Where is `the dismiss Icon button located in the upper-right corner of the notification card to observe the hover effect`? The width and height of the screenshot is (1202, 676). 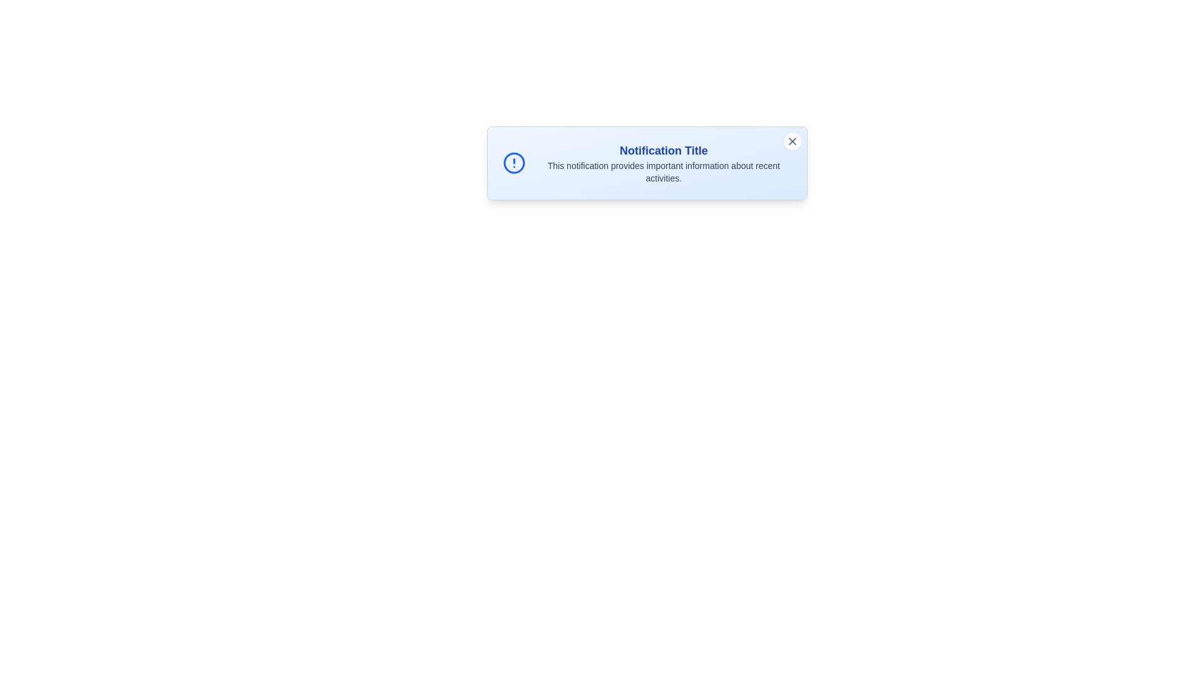
the dismiss Icon button located in the upper-right corner of the notification card to observe the hover effect is located at coordinates (791, 141).